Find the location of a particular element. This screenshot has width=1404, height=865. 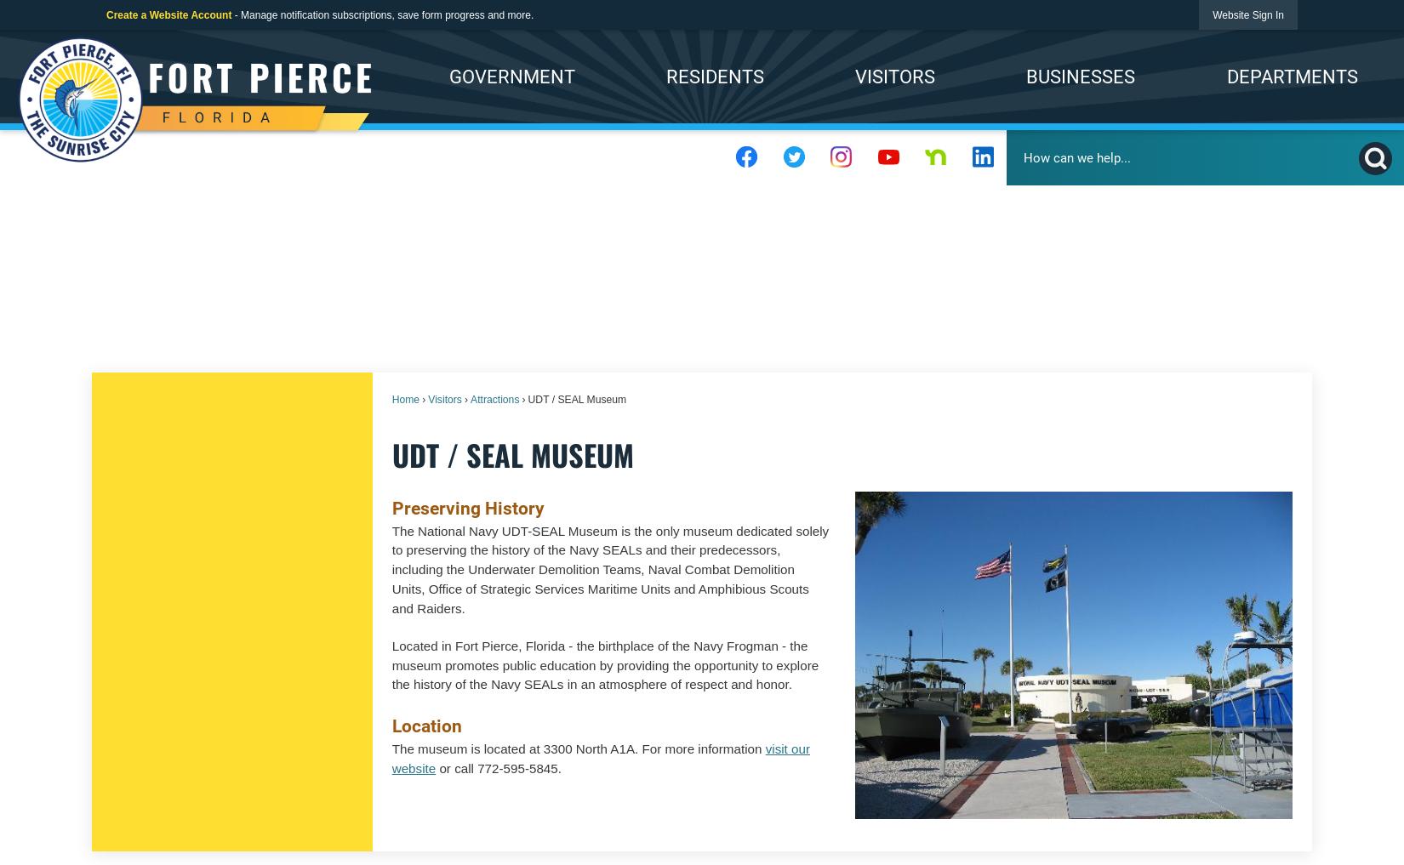

'The museum is located at 3300 North A1A. For more information' is located at coordinates (577, 748).